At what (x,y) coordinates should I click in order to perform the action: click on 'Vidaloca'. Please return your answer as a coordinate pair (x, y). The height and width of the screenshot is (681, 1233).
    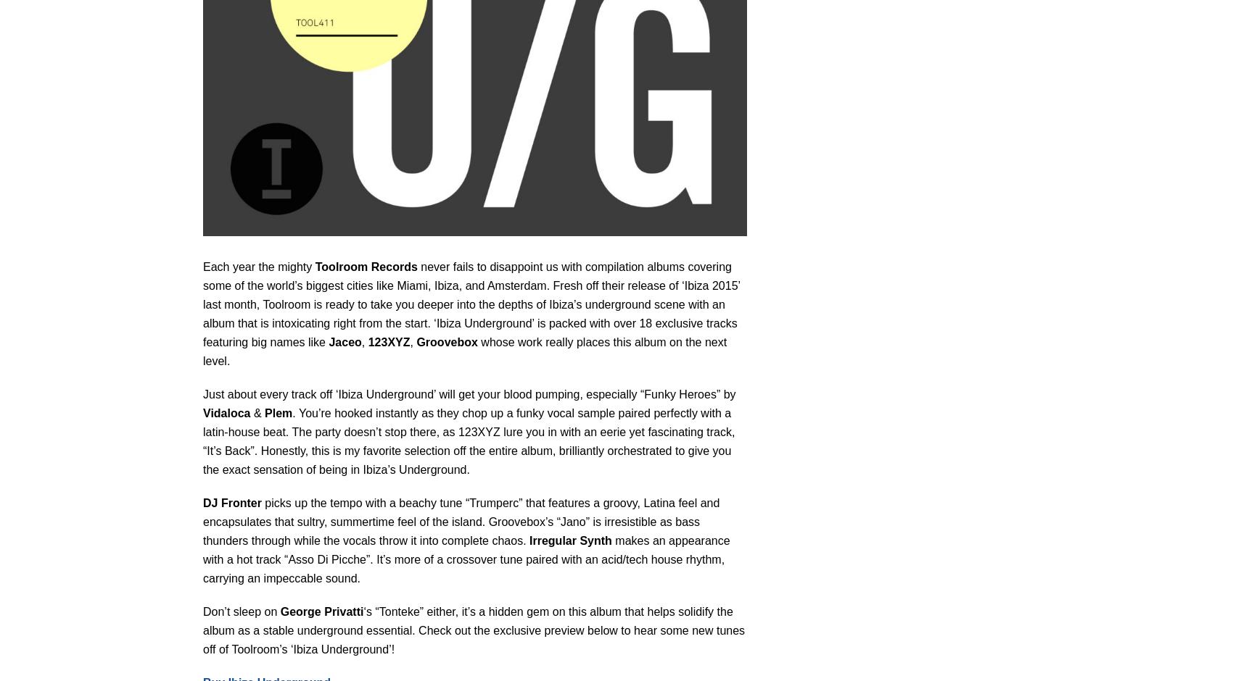
    Looking at the image, I should click on (226, 412).